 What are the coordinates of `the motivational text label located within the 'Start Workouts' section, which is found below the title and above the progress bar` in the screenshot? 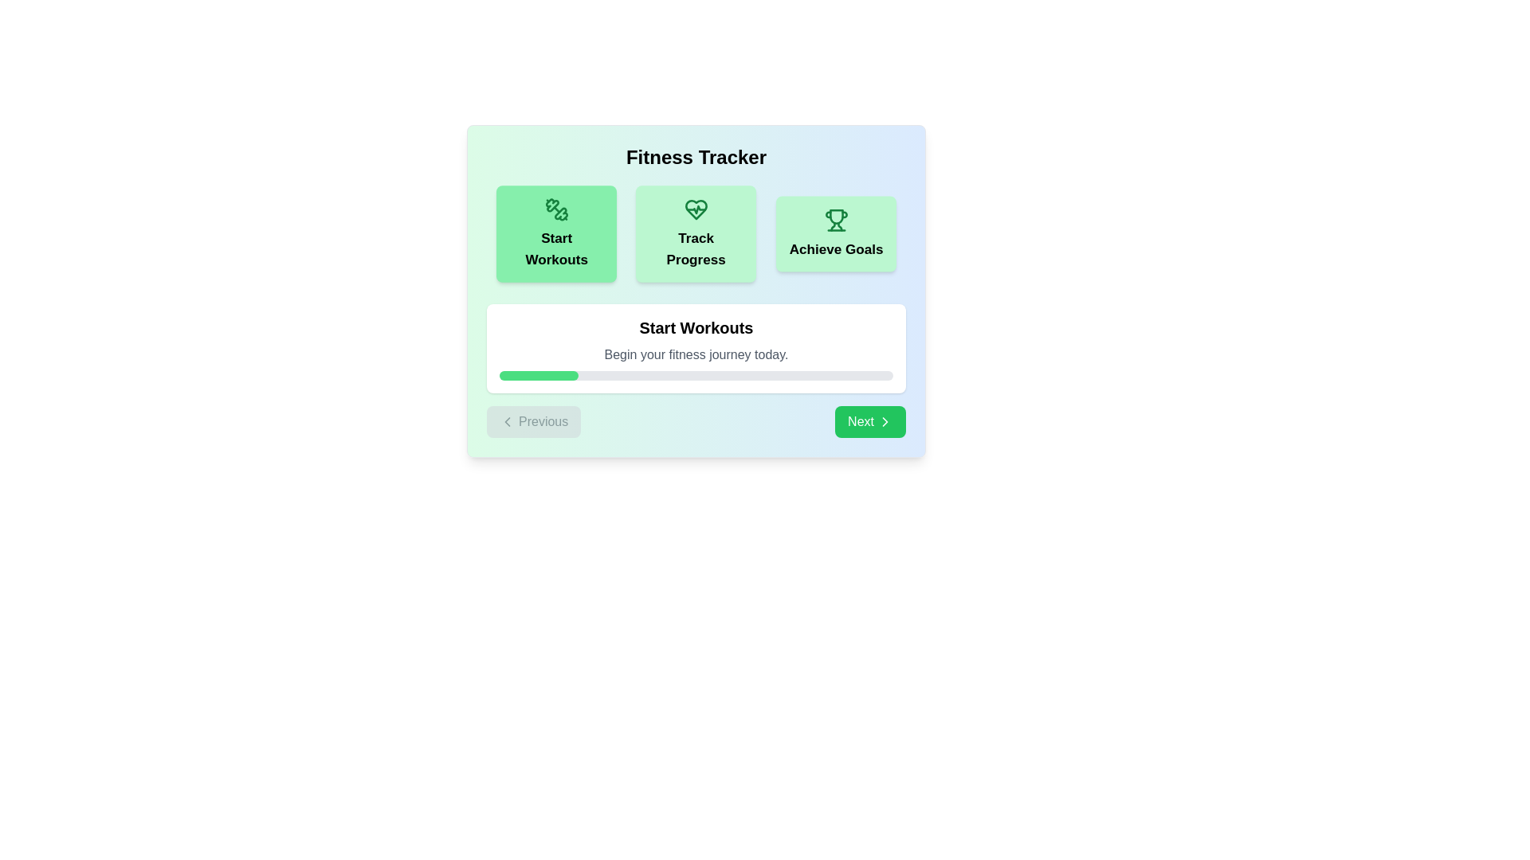 It's located at (696, 354).